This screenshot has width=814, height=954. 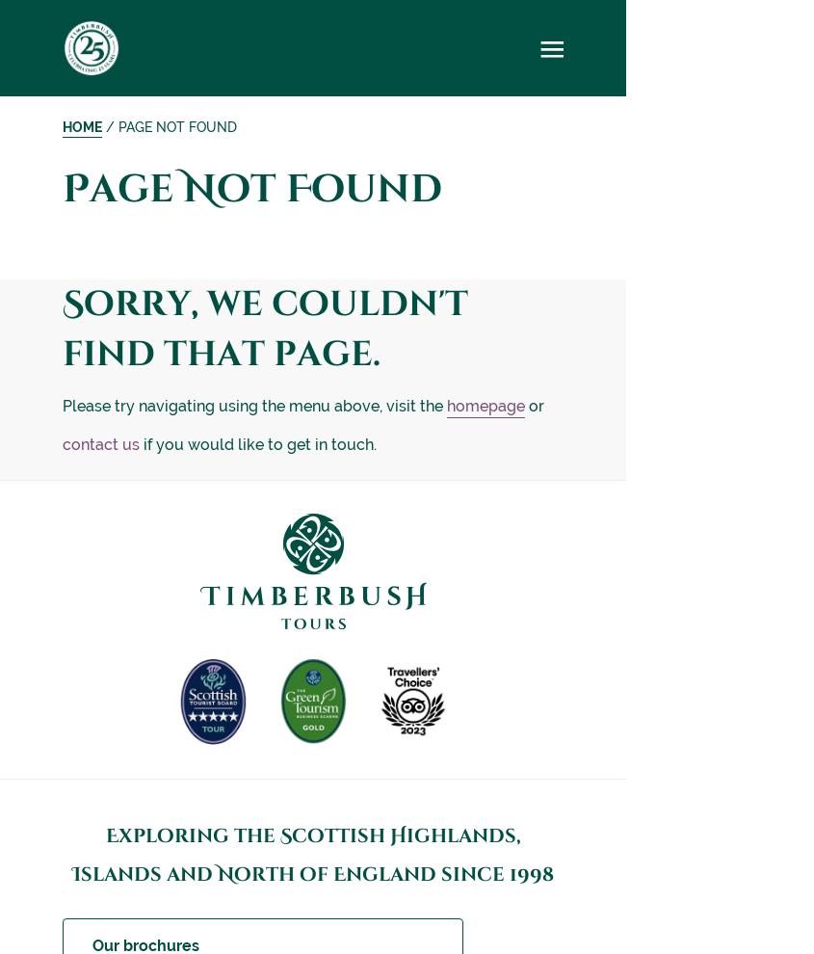 What do you see at coordinates (81, 125) in the screenshot?
I see `'Home'` at bounding box center [81, 125].